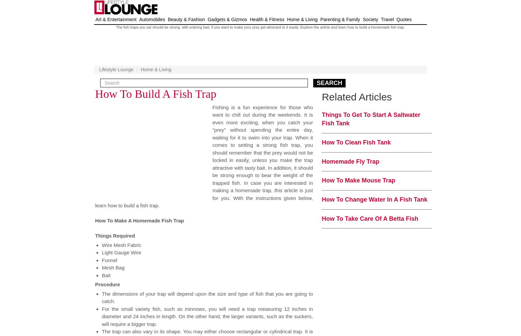  I want to click on 'Bait', so click(102, 275).